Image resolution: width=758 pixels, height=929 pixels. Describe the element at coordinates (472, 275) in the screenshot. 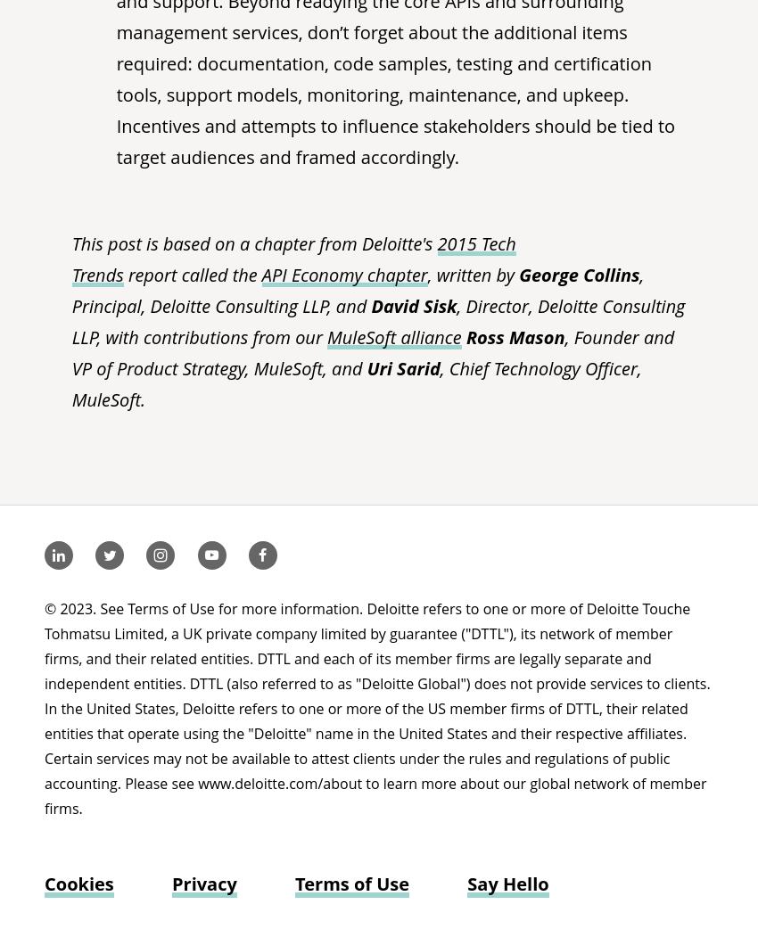

I see `', written by'` at that location.